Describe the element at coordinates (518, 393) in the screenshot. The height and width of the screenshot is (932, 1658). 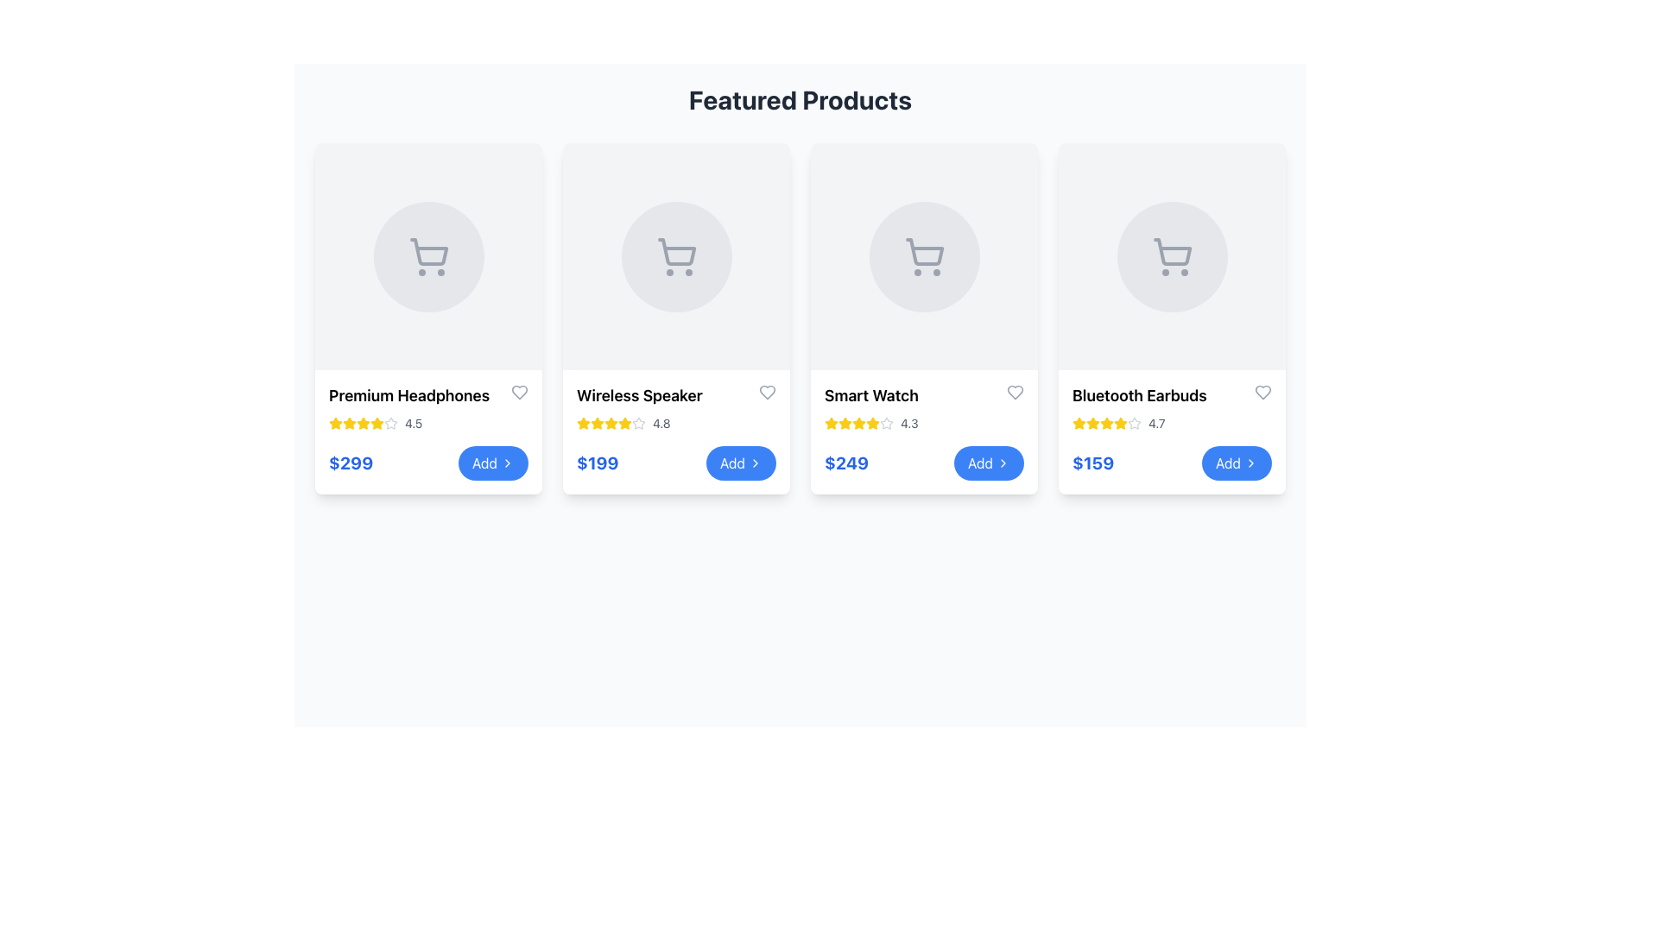
I see `on the heart icon located in the upper-right corner of the 'Premium Headphones' card` at that location.